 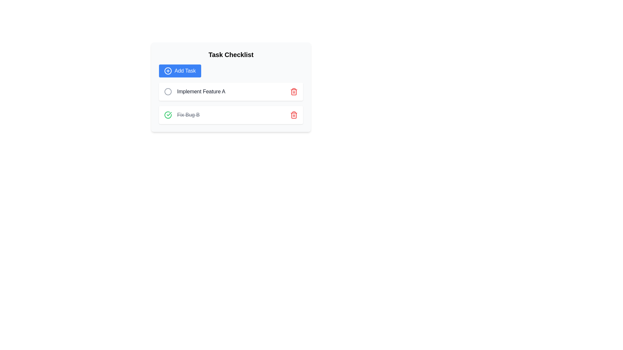 I want to click on the delete icon for the task labeled 'Fix Bug B' to initiate the removal process, so click(x=294, y=114).